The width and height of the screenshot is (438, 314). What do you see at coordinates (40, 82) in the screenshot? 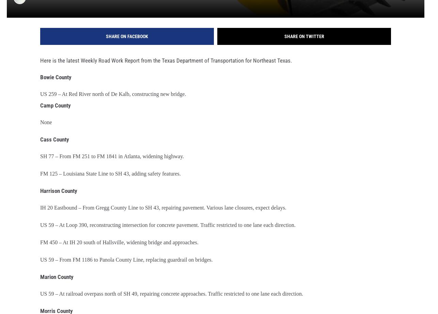
I see `'Bowie County'` at bounding box center [40, 82].